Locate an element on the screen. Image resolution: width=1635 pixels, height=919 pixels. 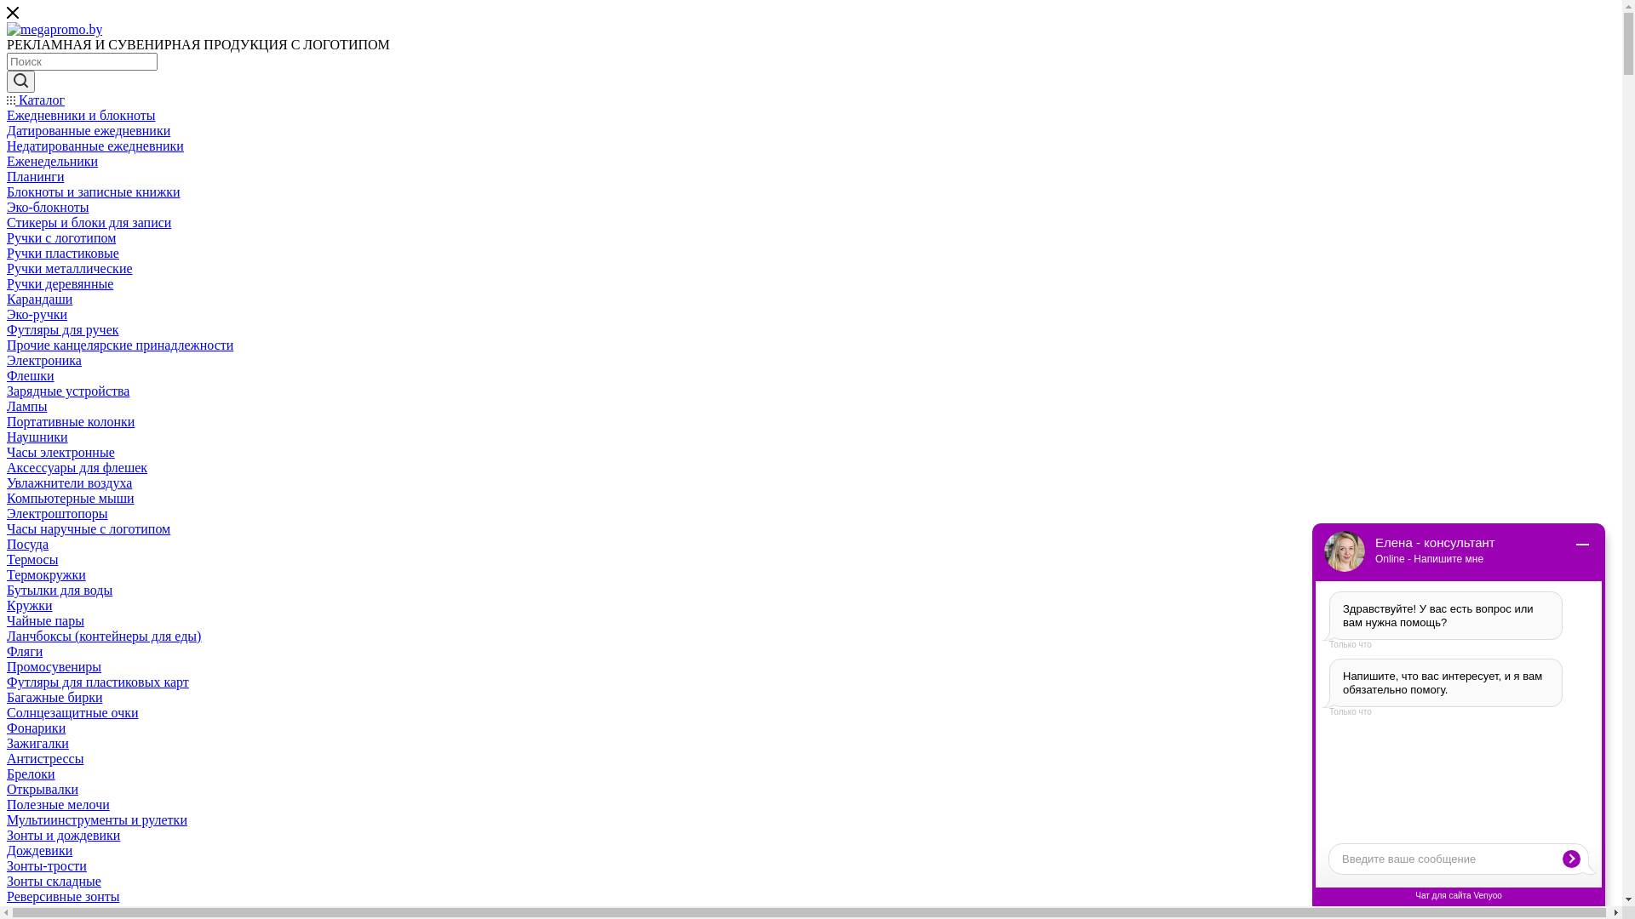
'megapromo.by' is located at coordinates (7, 29).